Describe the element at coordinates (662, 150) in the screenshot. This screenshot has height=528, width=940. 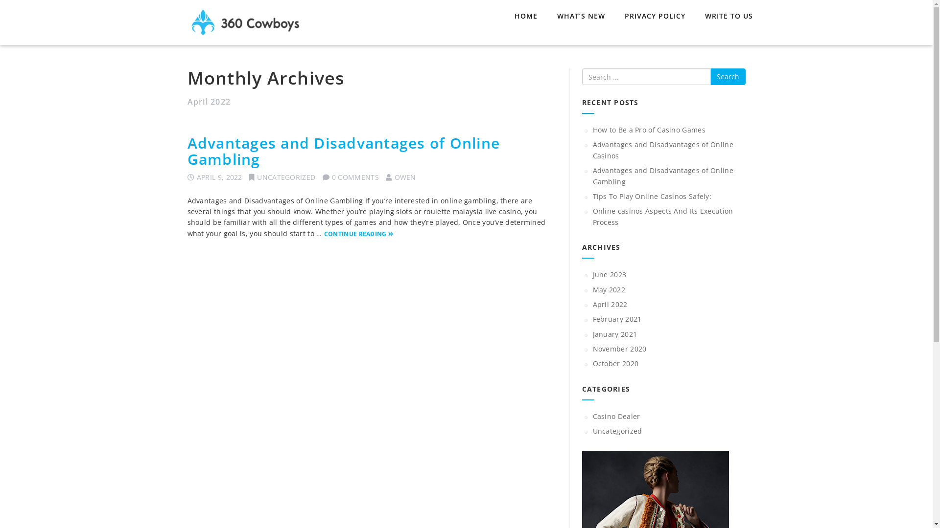
I see `'Advantages and Disadvantages of Online Casinos'` at that location.